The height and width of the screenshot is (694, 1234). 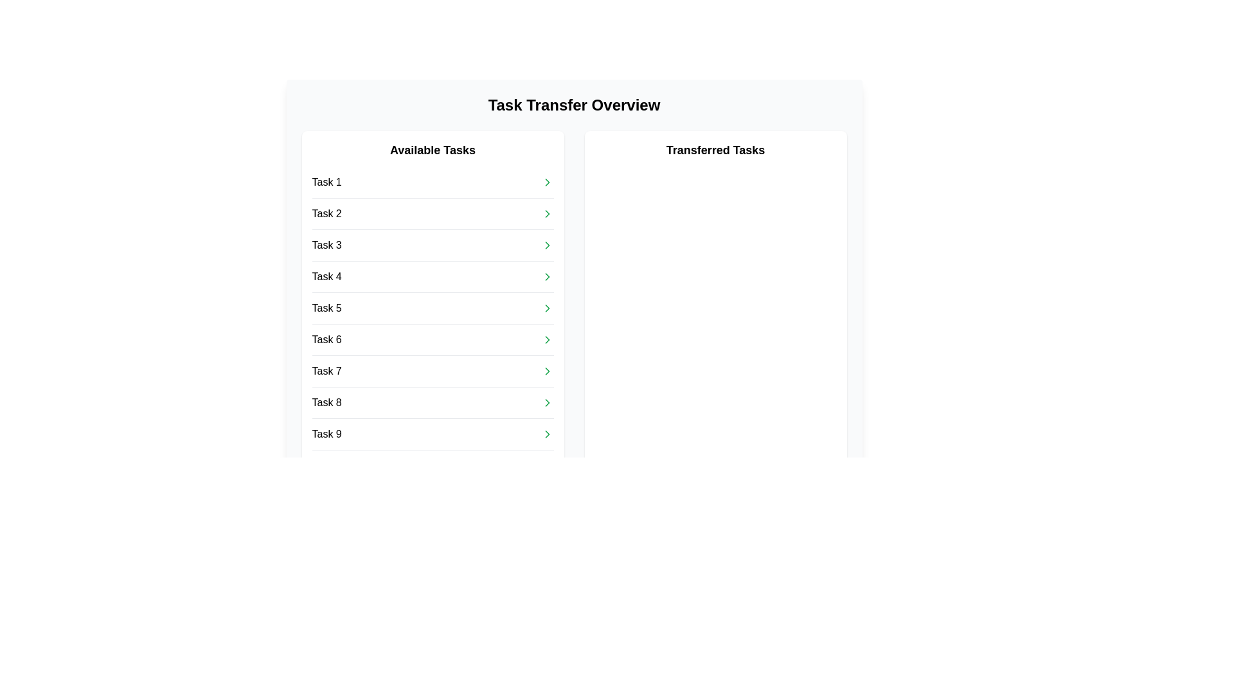 What do you see at coordinates (547, 213) in the screenshot?
I see `the green chevron-shaped icon located to the far right of the text 'Task 2' in the second row of the 'Available Tasks' section to transfer the task` at bounding box center [547, 213].